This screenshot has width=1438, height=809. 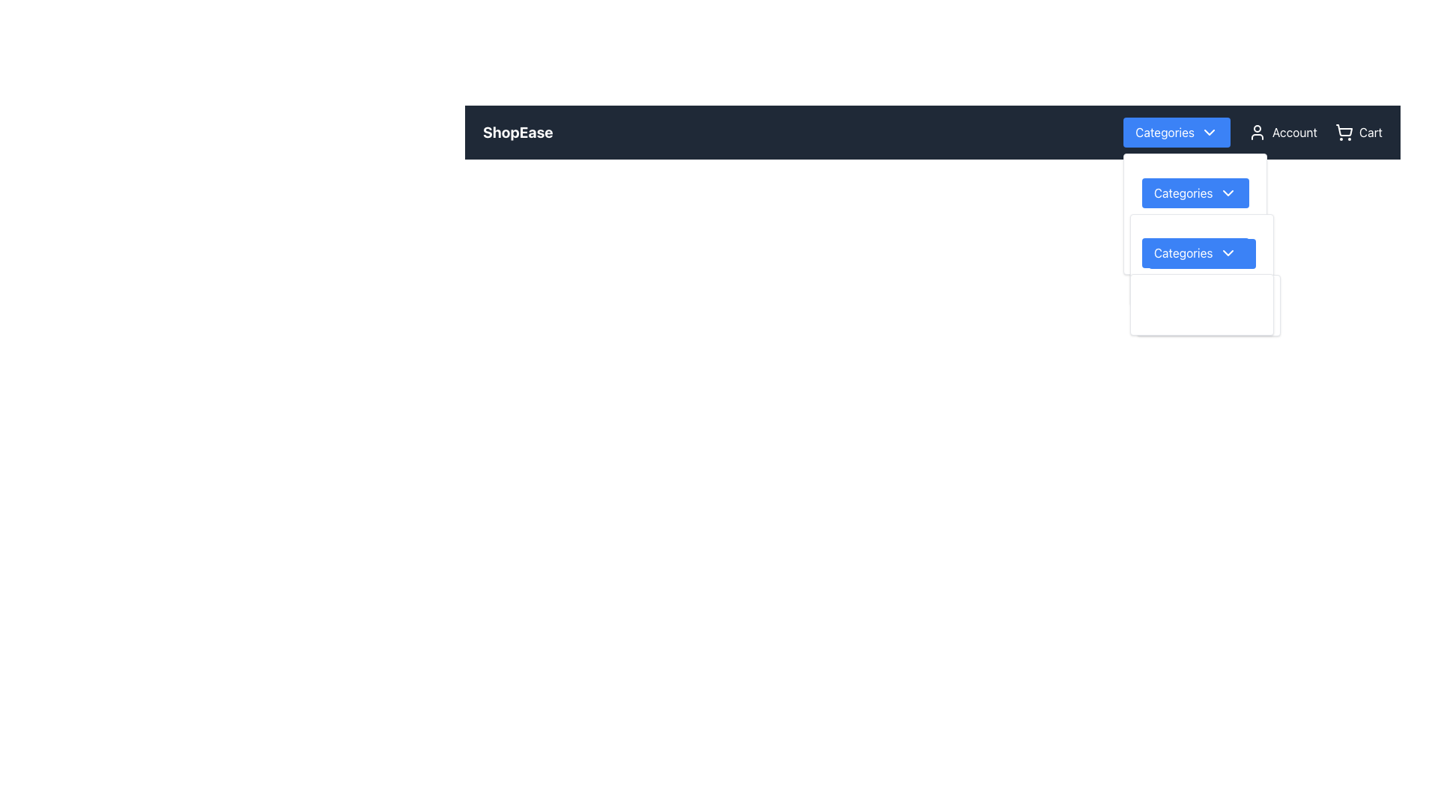 I want to click on the 'Categories' text label within the blue button, so click(x=1183, y=193).